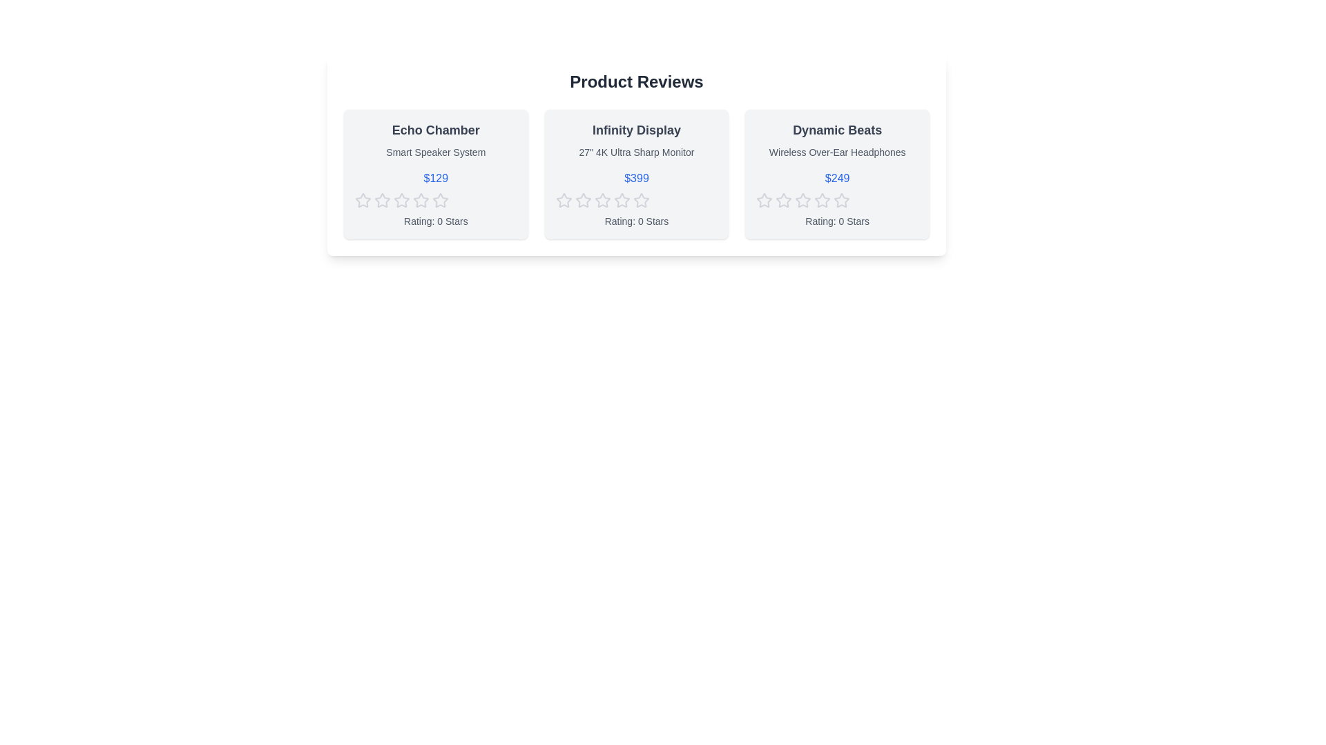 The height and width of the screenshot is (745, 1326). What do you see at coordinates (764, 200) in the screenshot?
I see `the first rating star icon for 'Dynamic Beats'` at bounding box center [764, 200].